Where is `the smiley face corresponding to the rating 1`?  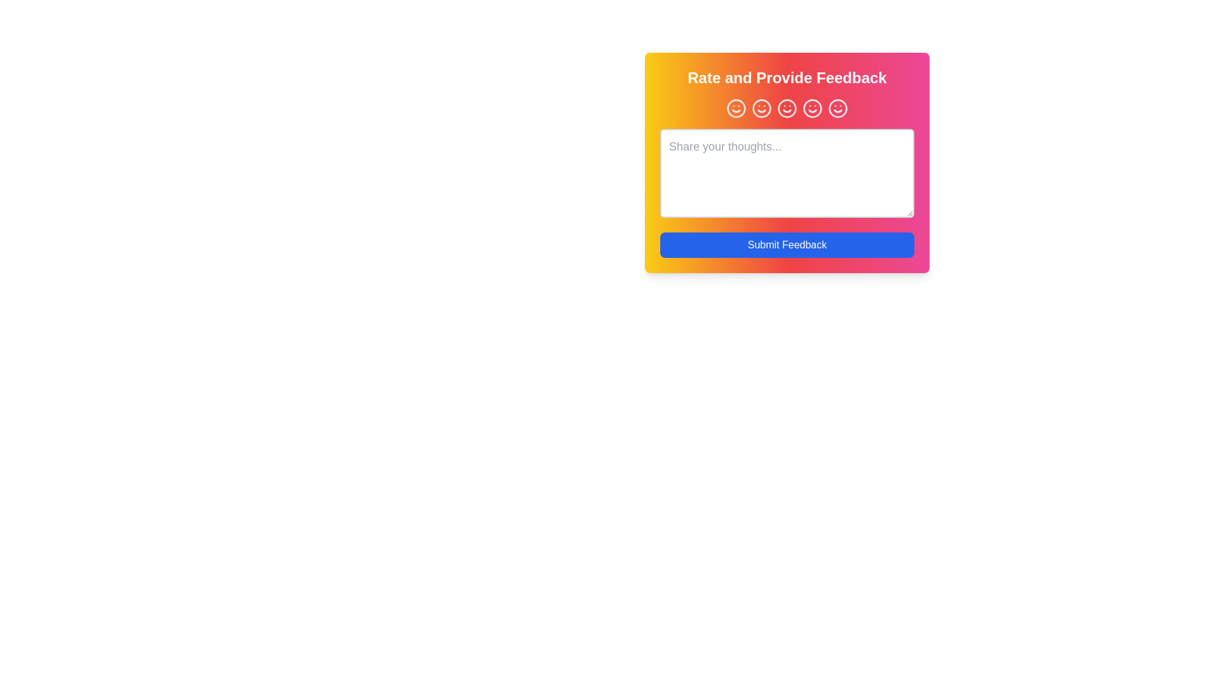
the smiley face corresponding to the rating 1 is located at coordinates (736, 107).